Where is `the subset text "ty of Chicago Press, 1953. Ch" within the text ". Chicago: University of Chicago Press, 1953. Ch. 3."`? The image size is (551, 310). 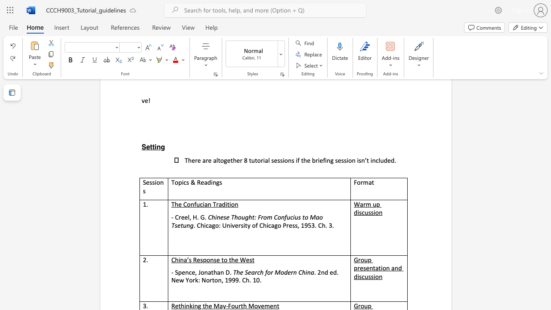 the subset text "ty of Chicago Press, 1953. Ch" within the text ". Chicago: University of Chicago Press, 1953. Ch. 3." is located at coordinates (245, 225).